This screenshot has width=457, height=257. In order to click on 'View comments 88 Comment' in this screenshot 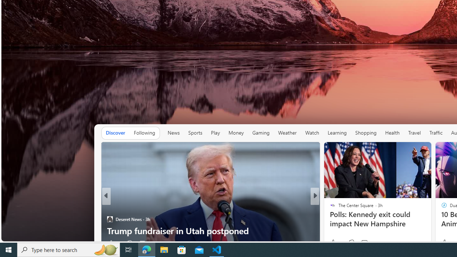, I will do `click(367, 243)`.